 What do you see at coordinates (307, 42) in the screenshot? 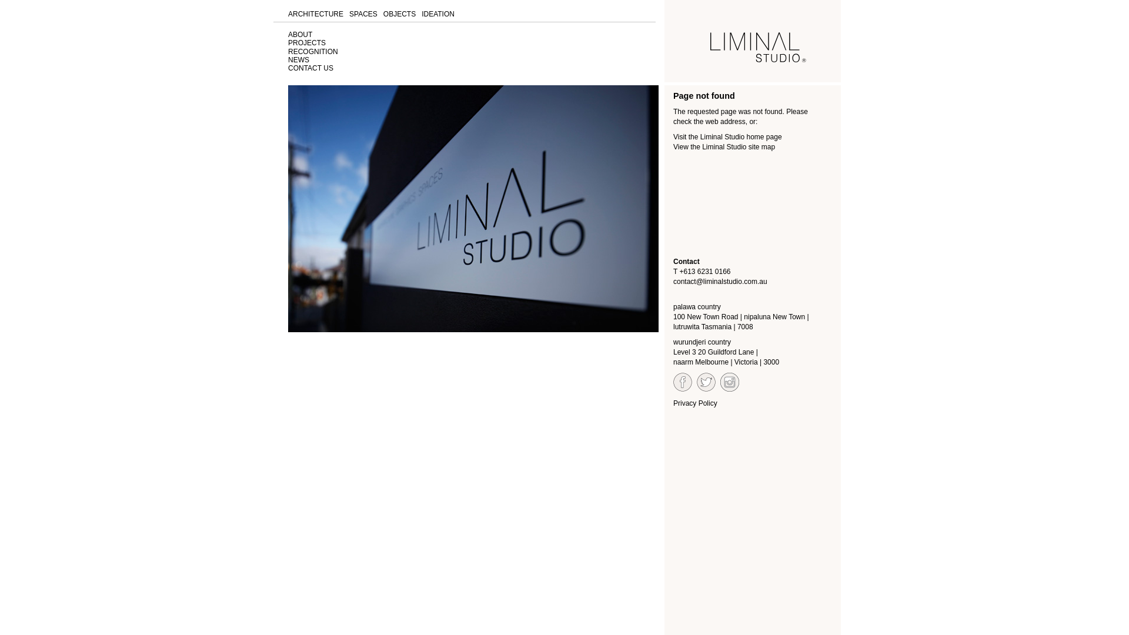
I see `'PROJECTS'` at bounding box center [307, 42].